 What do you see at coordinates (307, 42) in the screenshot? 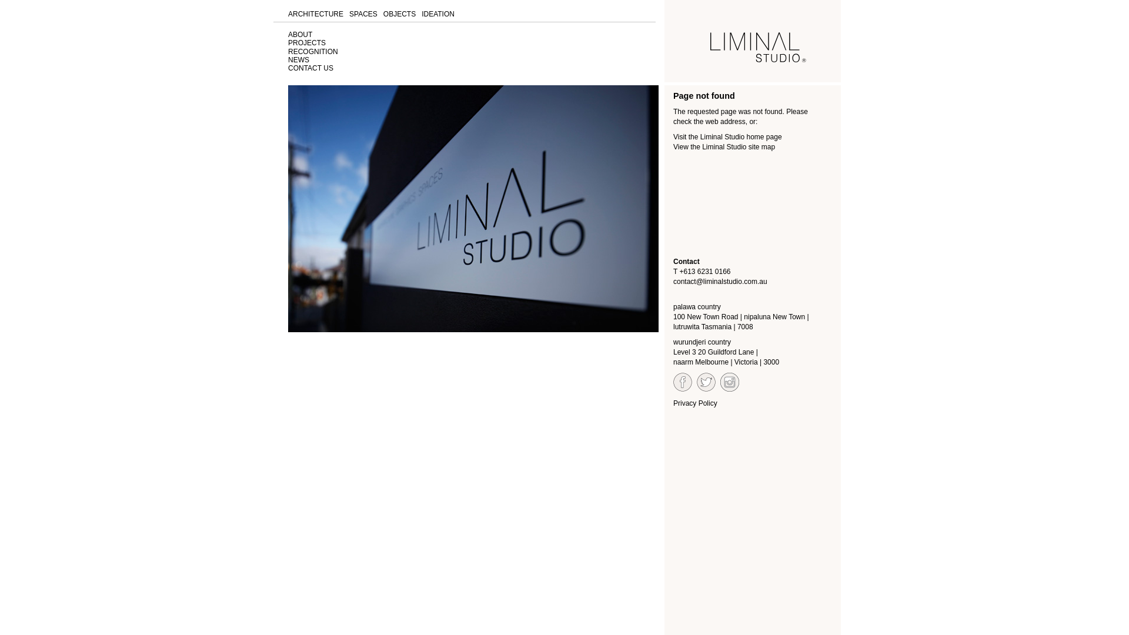
I see `'PROJECTS'` at bounding box center [307, 42].